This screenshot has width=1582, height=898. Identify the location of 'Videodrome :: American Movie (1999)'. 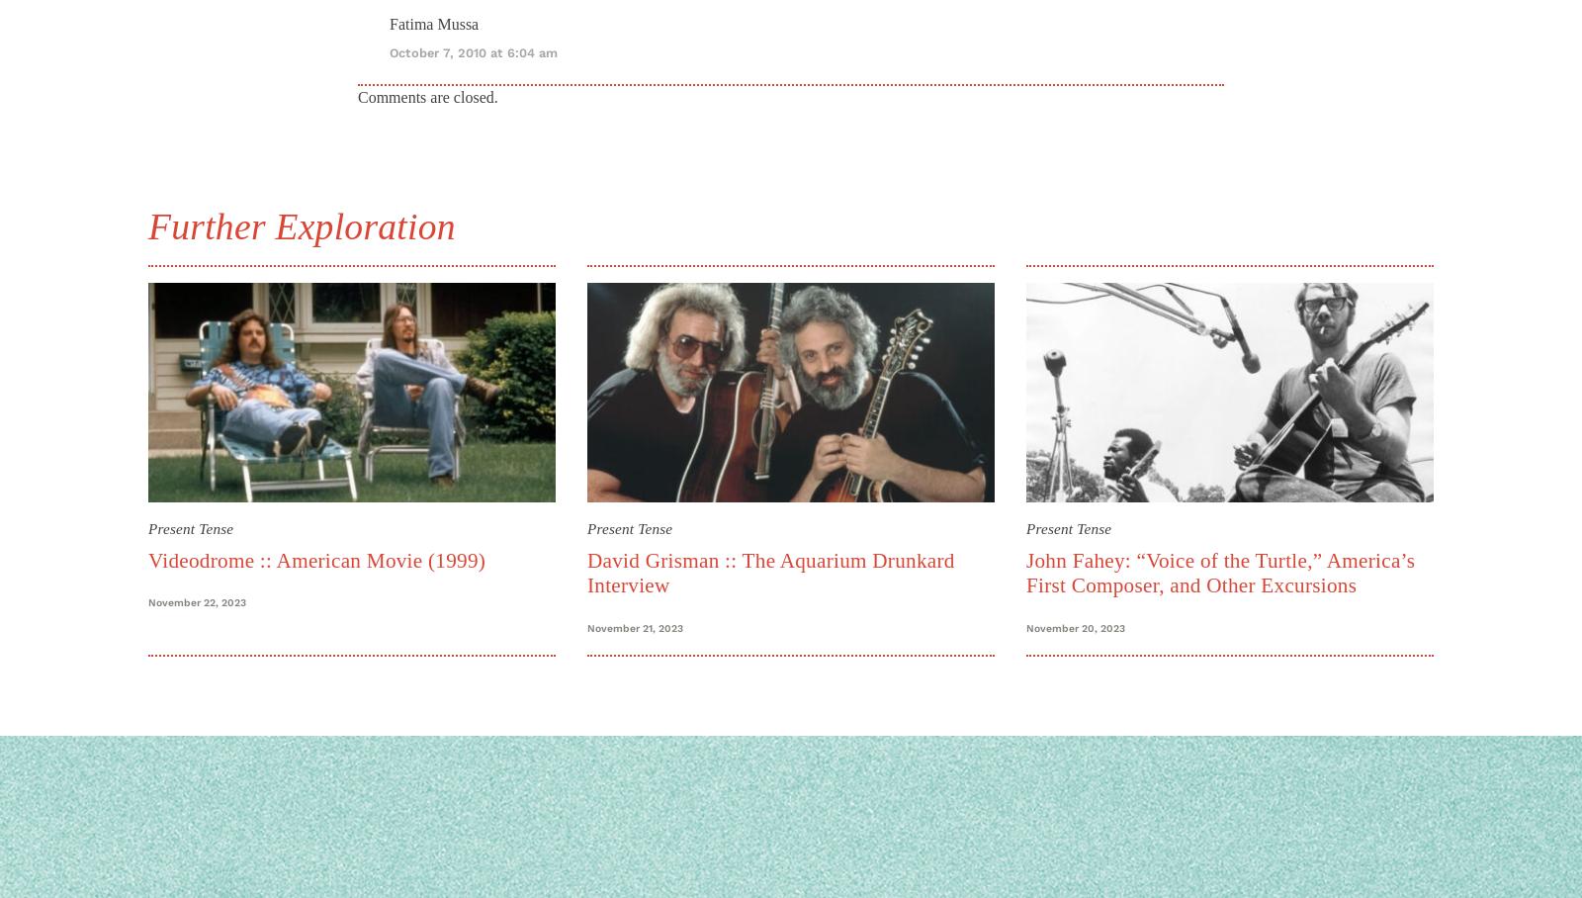
(147, 558).